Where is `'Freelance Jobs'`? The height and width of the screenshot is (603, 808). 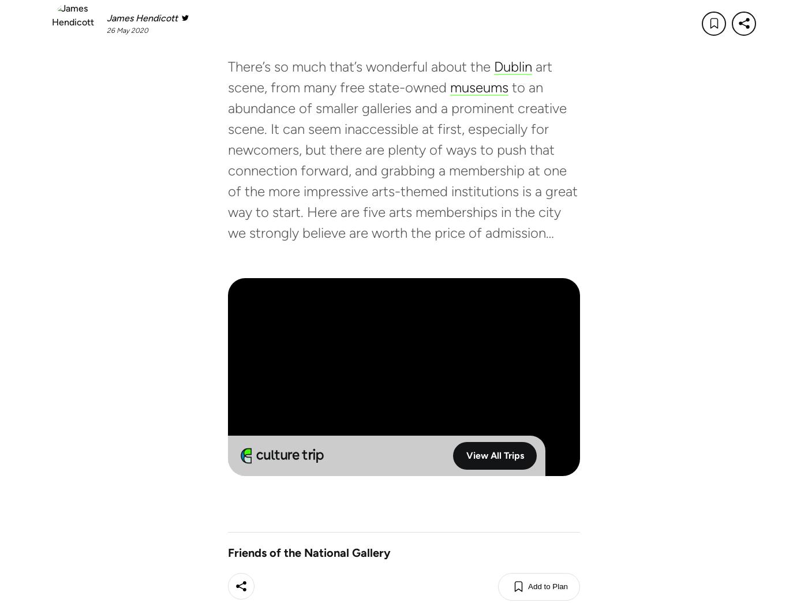
'Freelance Jobs' is located at coordinates (500, 537).